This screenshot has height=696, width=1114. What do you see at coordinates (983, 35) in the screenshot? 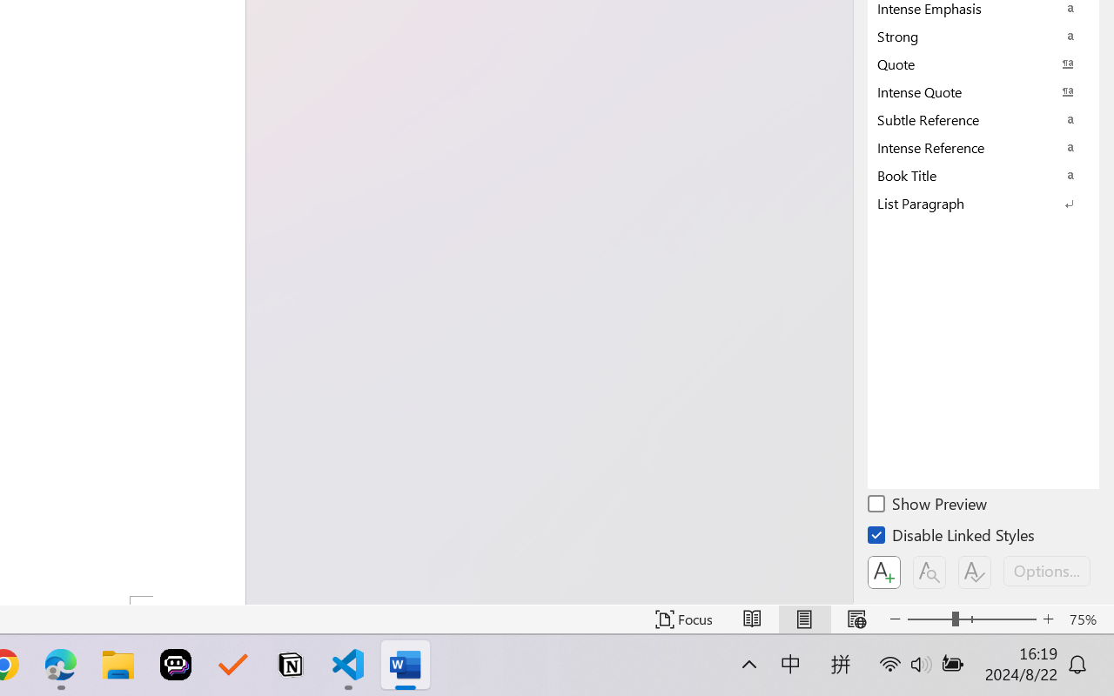
I see `'Strong'` at bounding box center [983, 35].